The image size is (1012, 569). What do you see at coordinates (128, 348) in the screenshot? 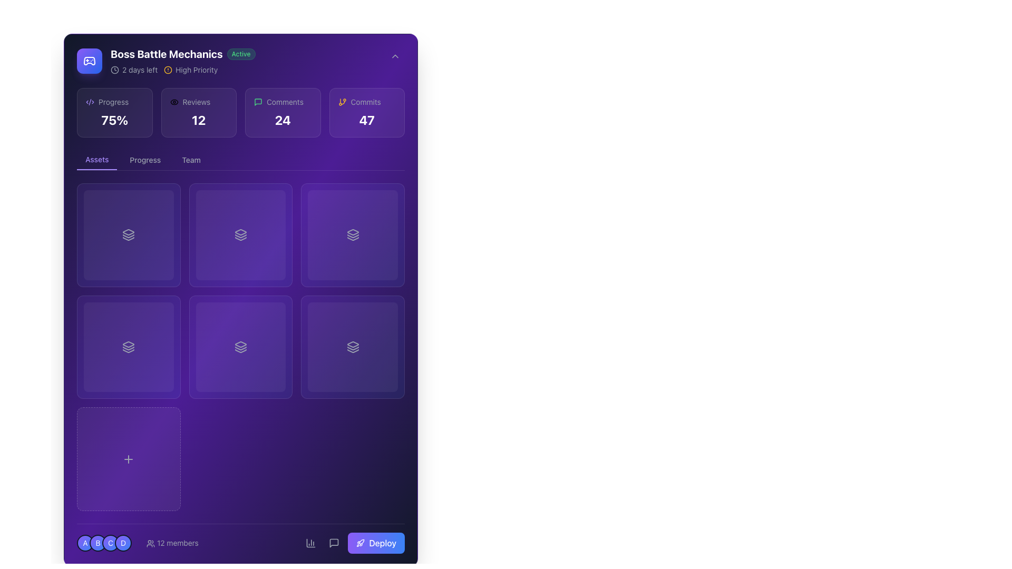
I see `the stack icon located in the bottom left cell of a 3x2 grid arrangement` at bounding box center [128, 348].